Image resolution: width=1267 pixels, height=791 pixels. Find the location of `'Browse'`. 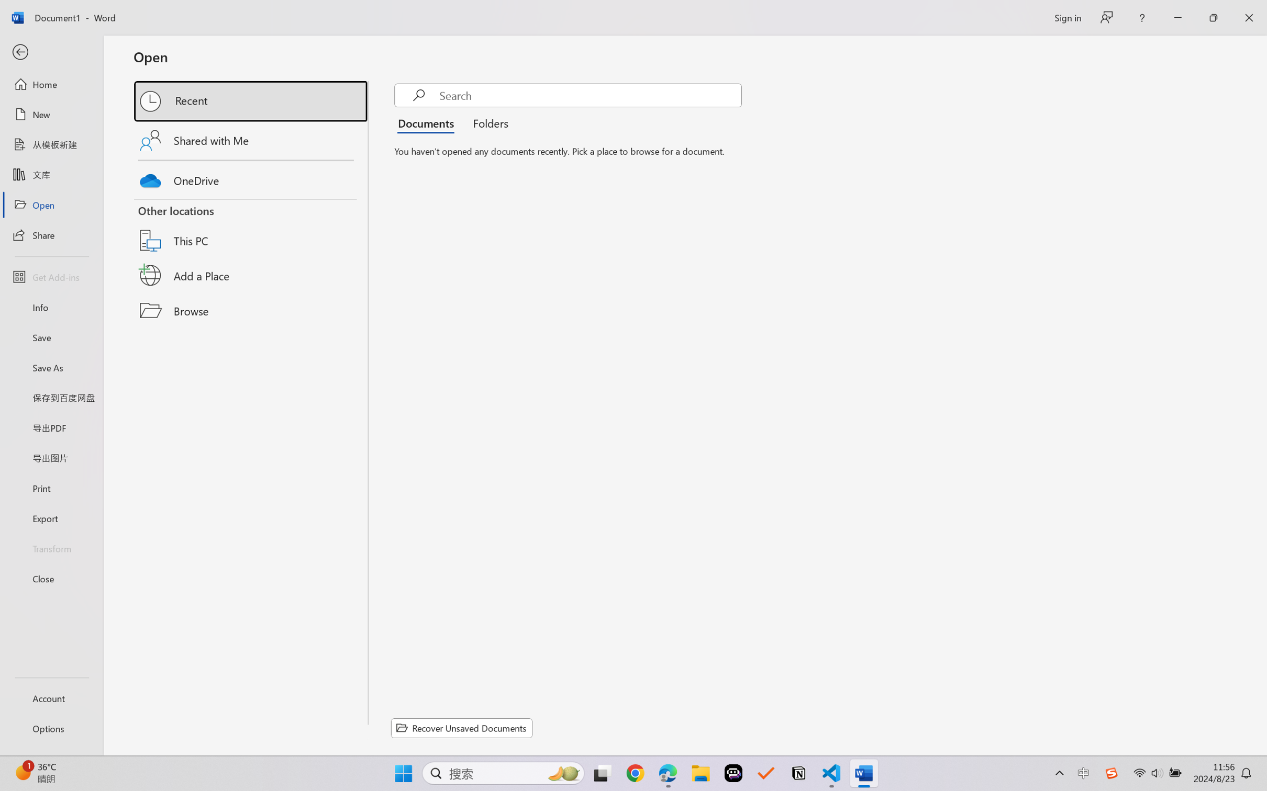

'Browse' is located at coordinates (251, 310).